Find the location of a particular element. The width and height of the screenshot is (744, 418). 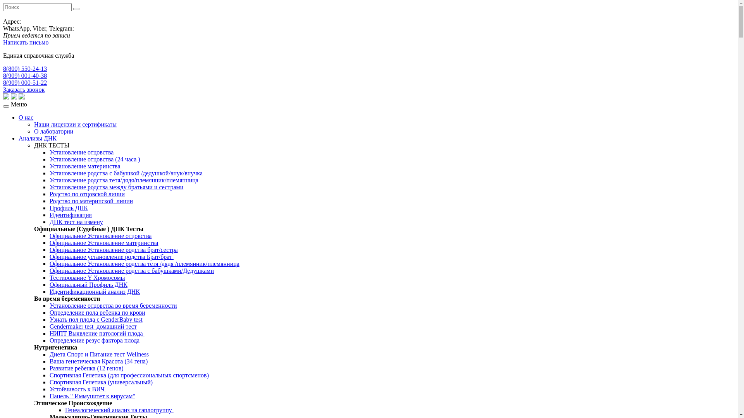

'8(800) 550-24-13' is located at coordinates (25, 68).